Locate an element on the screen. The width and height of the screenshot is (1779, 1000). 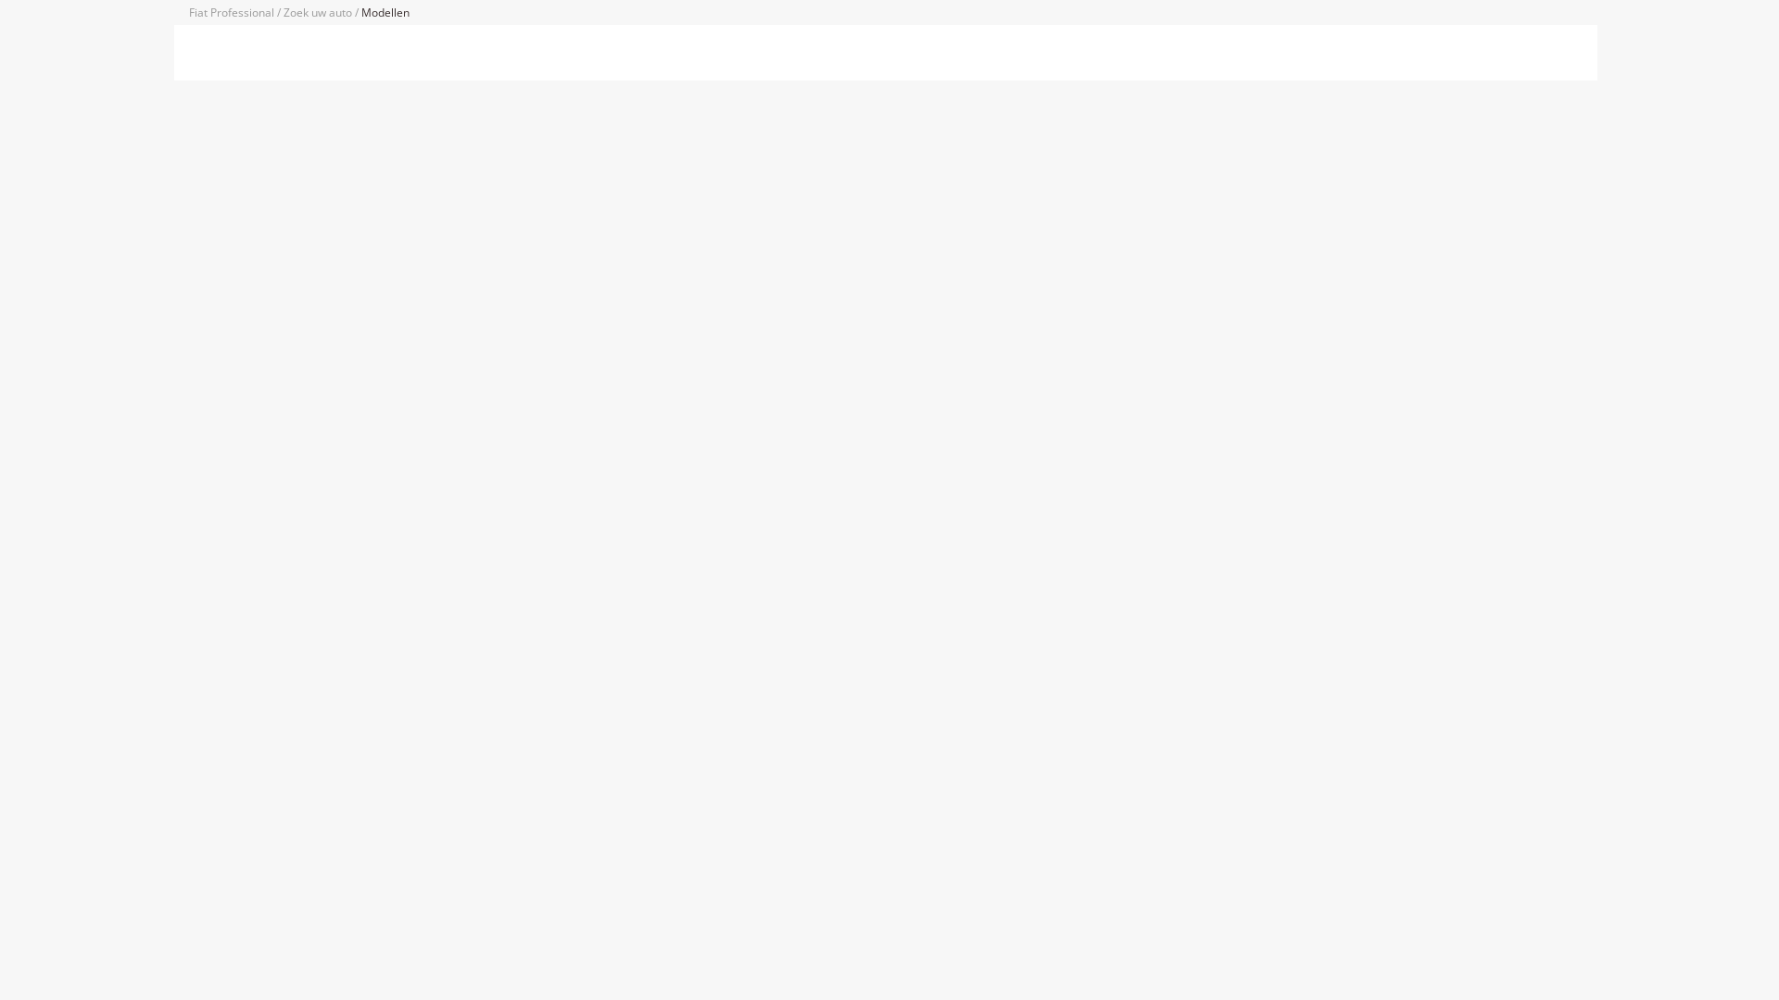
'Fiat Professional' is located at coordinates (232, 12).